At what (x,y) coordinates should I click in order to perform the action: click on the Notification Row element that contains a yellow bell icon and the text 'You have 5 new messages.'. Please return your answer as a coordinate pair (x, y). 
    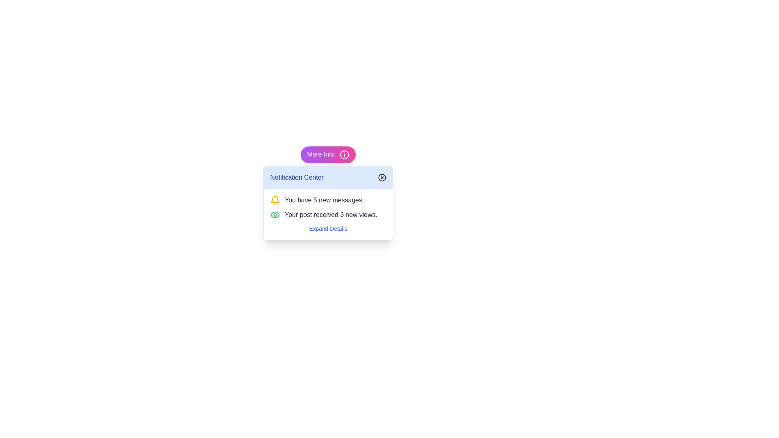
    Looking at the image, I should click on (328, 200).